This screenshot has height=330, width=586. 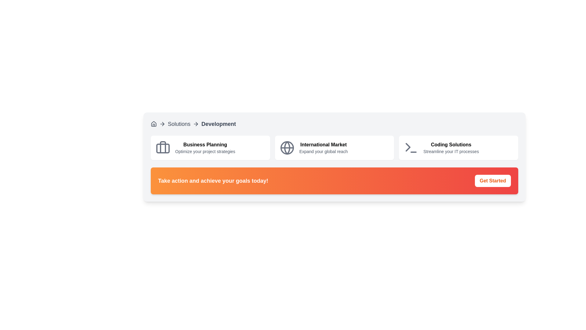 I want to click on the rectangular 'Get Started' button with rounded corners, featuring a white background and orange text, to initiate an action, so click(x=493, y=180).